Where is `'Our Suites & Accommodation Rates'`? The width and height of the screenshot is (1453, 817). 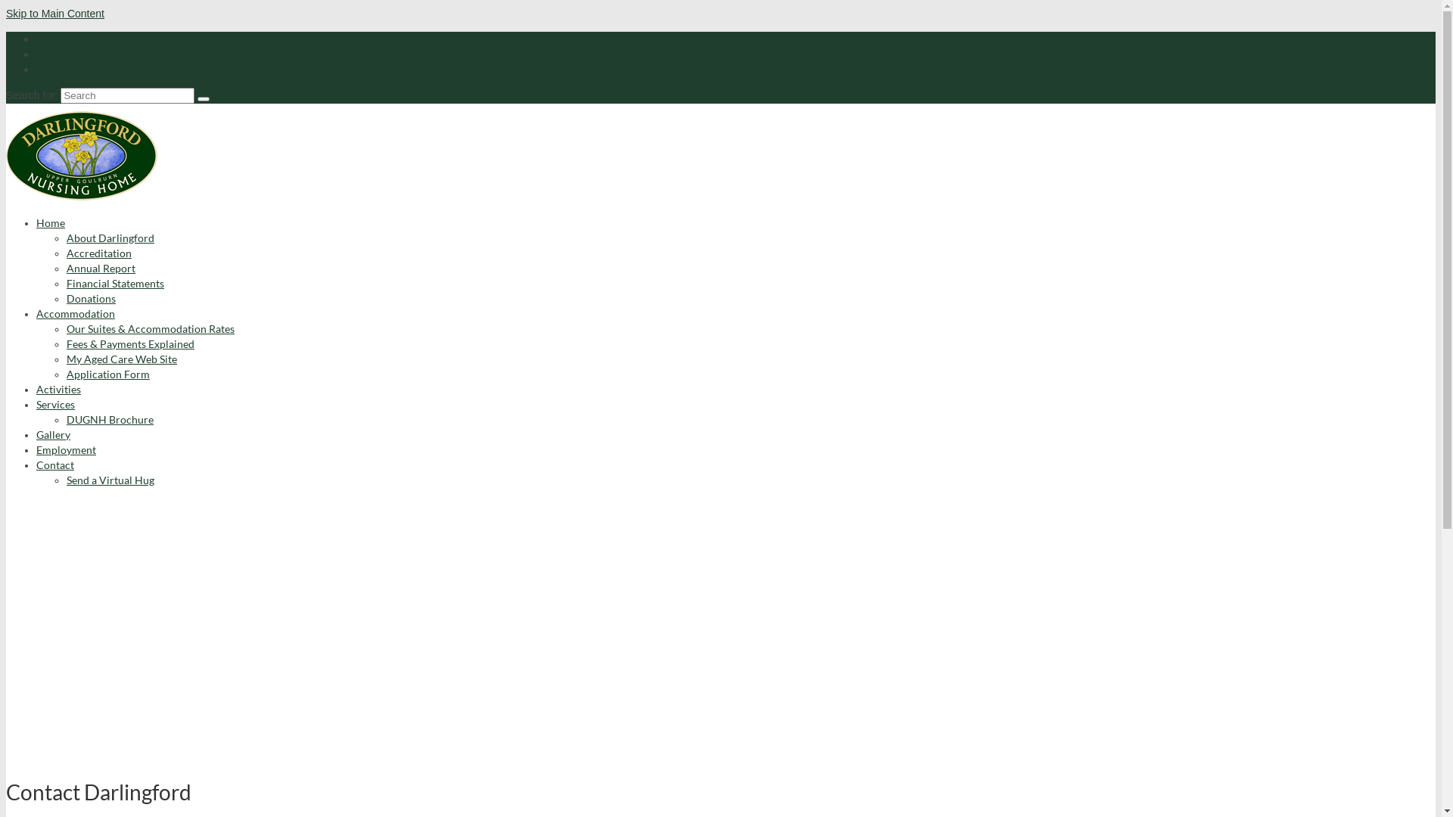 'Our Suites & Accommodation Rates' is located at coordinates (150, 328).